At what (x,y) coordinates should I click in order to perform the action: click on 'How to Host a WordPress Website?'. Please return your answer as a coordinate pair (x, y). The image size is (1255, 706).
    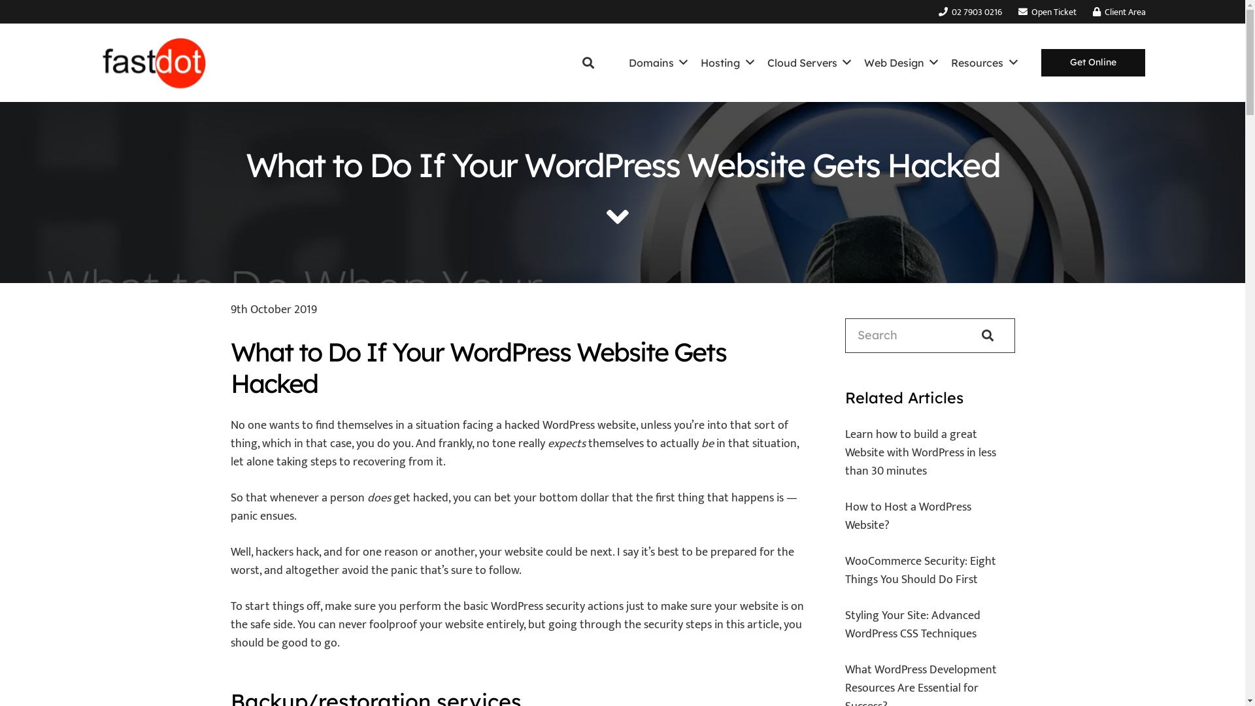
    Looking at the image, I should click on (907, 516).